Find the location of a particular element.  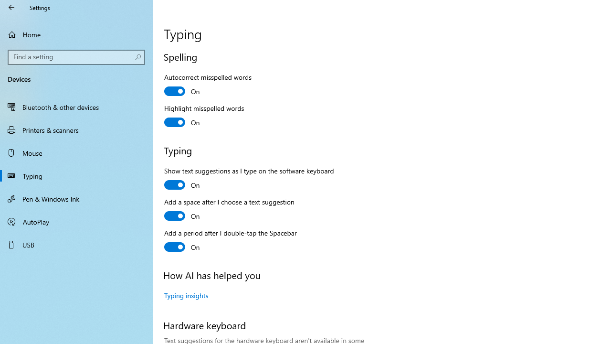

'Typing insights' is located at coordinates (186, 295).